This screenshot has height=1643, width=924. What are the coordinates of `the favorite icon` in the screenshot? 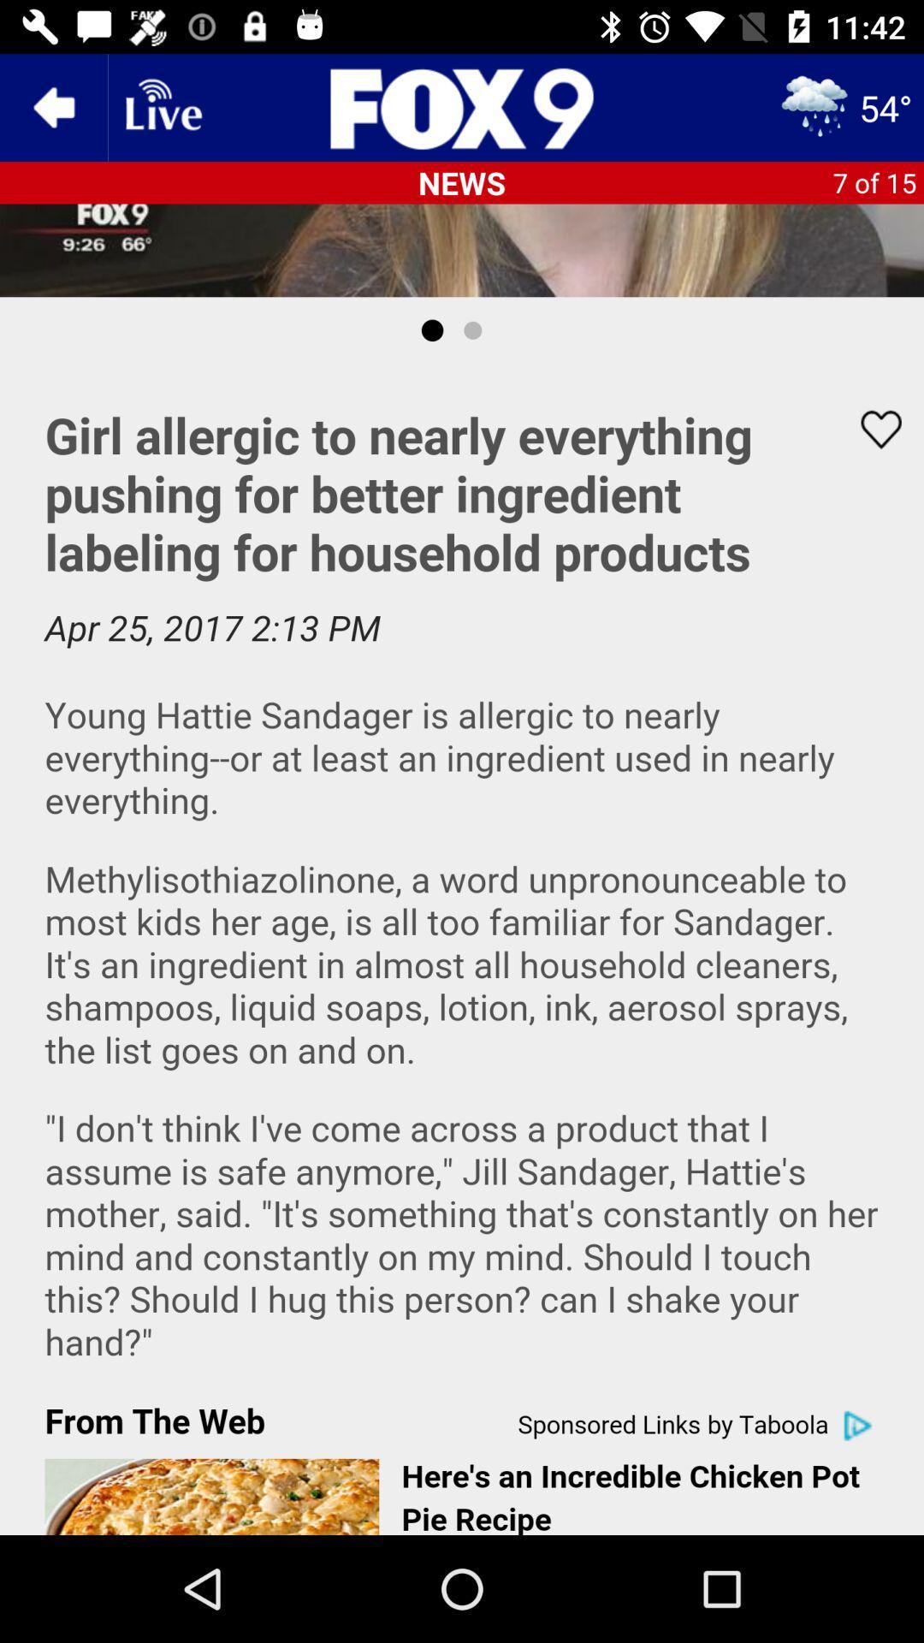 It's located at (870, 430).